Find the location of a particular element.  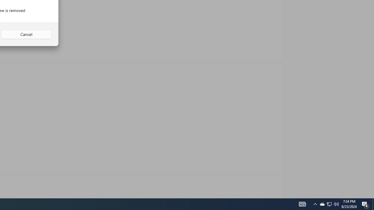

'Cancel' is located at coordinates (26, 34).